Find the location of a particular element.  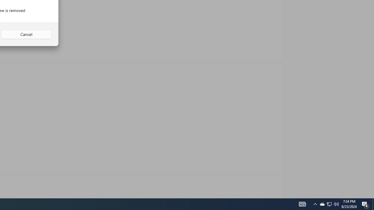

'Cancel' is located at coordinates (26, 34).